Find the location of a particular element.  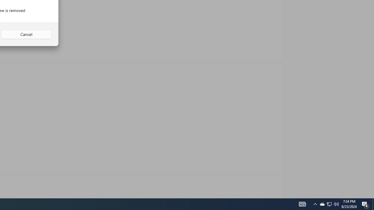

'Cancel' is located at coordinates (26, 34).